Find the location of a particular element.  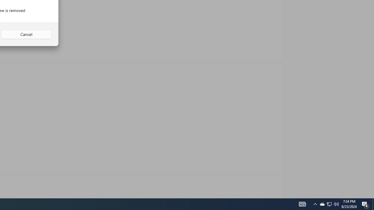

'Cancel' is located at coordinates (26, 34).